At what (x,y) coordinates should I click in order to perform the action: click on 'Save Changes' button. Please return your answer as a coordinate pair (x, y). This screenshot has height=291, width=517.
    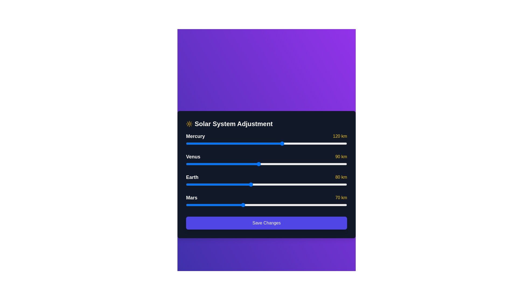
    Looking at the image, I should click on (266, 223).